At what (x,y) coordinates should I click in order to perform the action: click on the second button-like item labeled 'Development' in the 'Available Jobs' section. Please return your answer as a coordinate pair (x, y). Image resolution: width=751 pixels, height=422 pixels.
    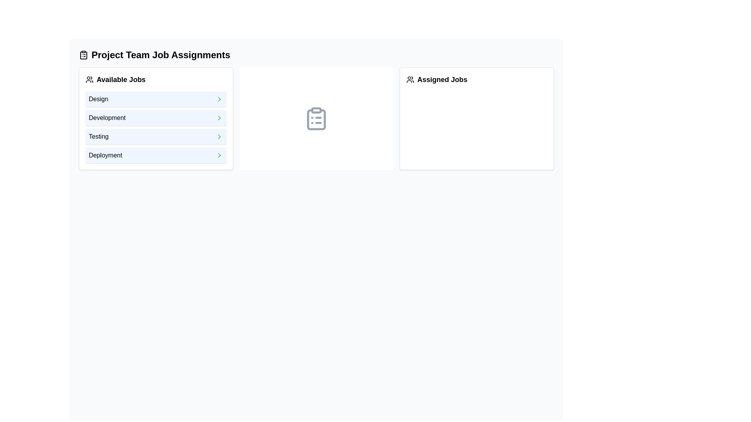
    Looking at the image, I should click on (156, 118).